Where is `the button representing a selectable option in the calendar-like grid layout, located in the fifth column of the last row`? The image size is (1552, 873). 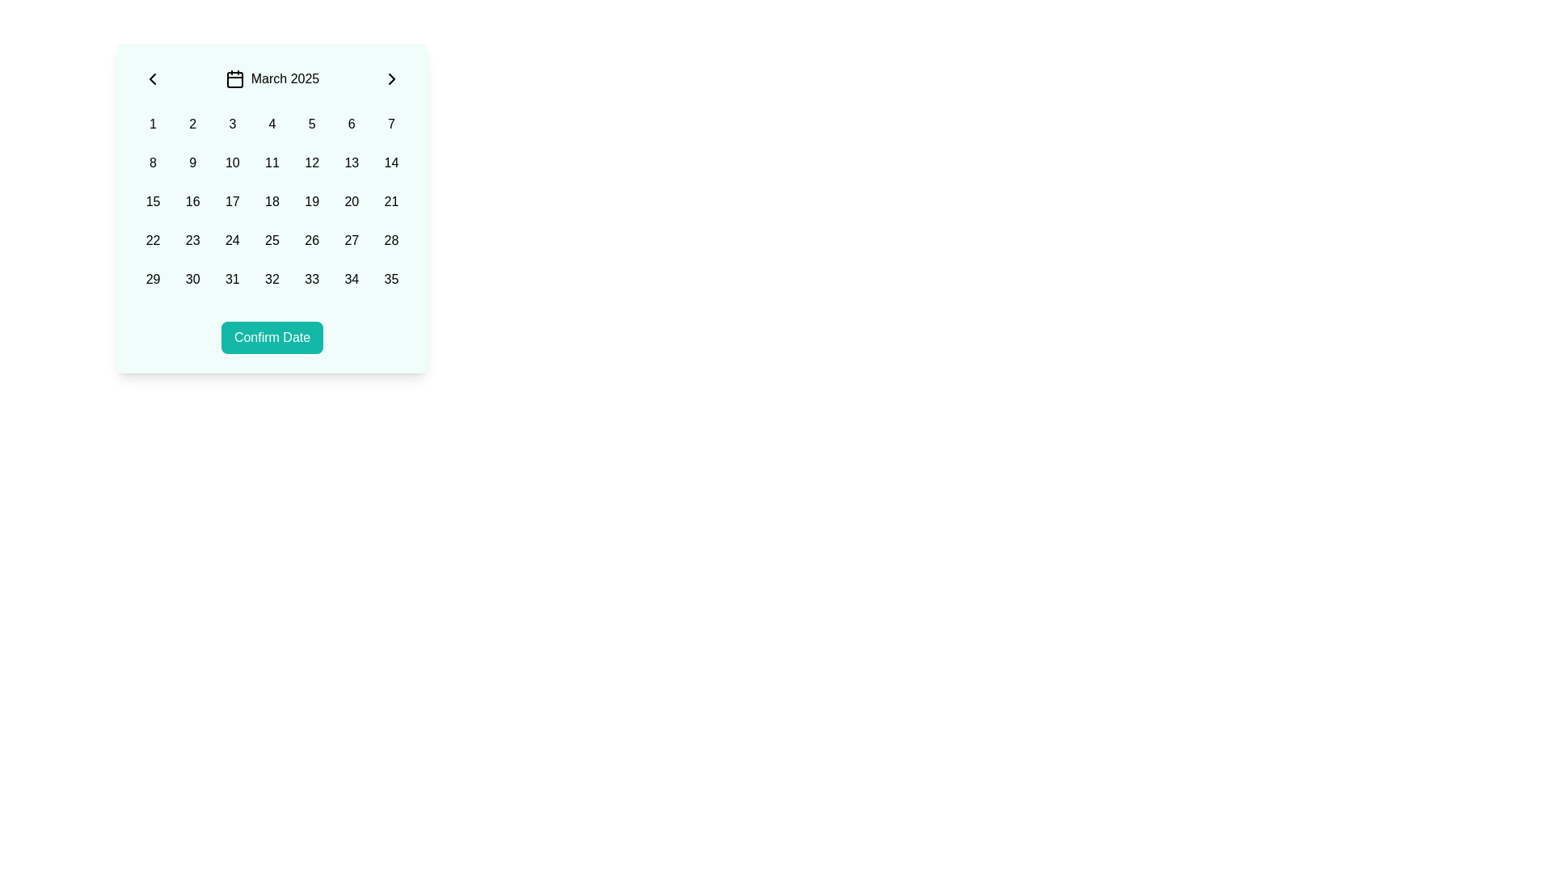
the button representing a selectable option in the calendar-like grid layout, located in the fifth column of the last row is located at coordinates (272, 279).